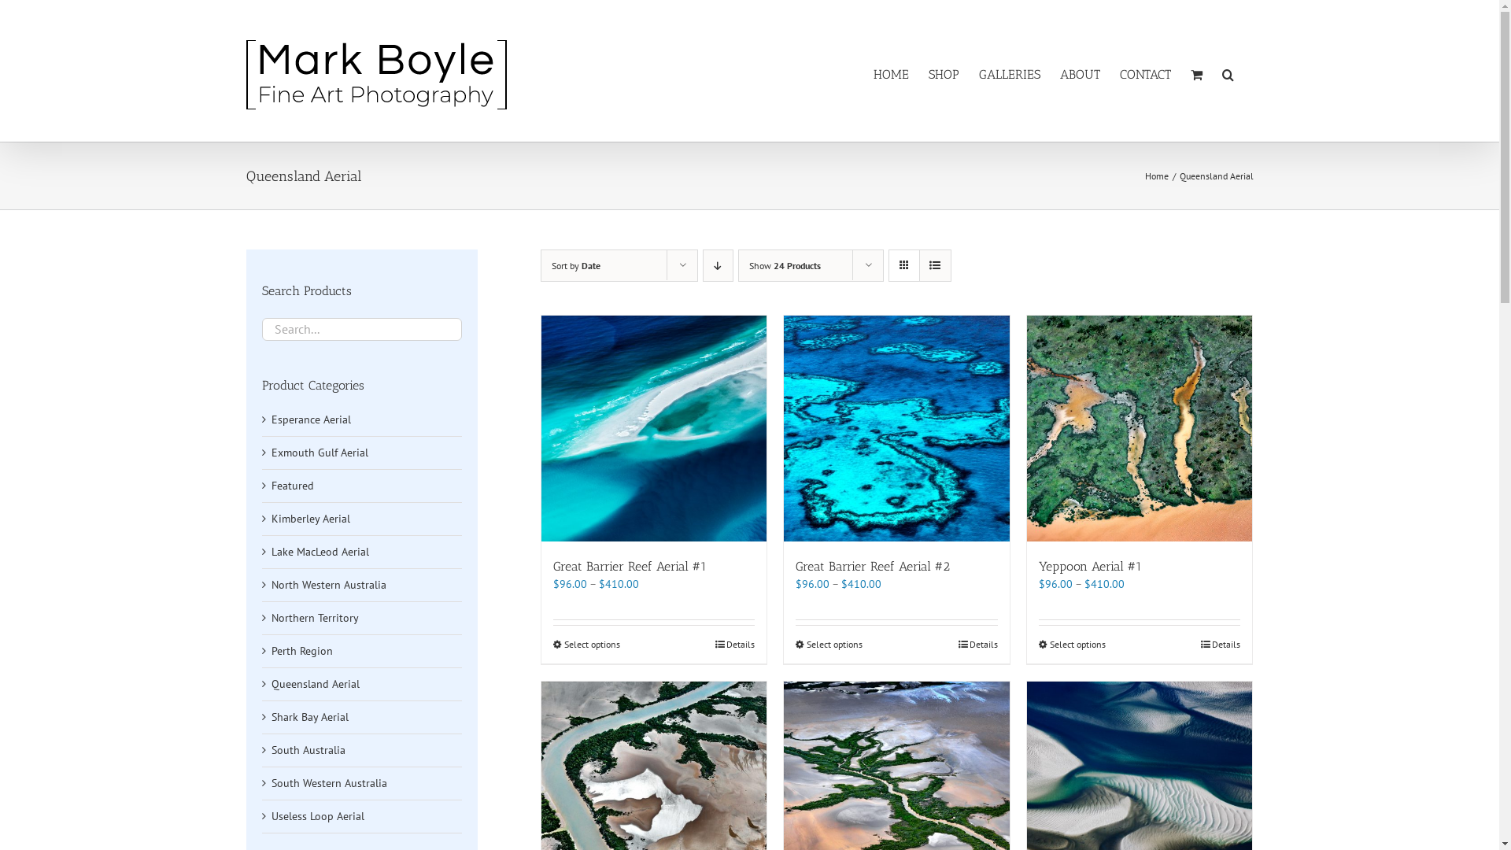 Image resolution: width=1511 pixels, height=850 pixels. I want to click on 'Esperance Aerial', so click(310, 418).